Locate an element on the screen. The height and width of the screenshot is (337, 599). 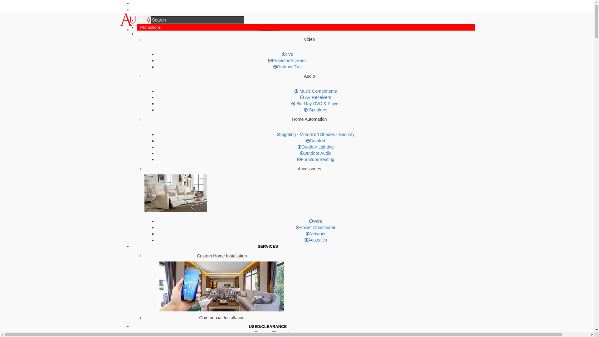
'PRODUCTS' is located at coordinates (268, 30).